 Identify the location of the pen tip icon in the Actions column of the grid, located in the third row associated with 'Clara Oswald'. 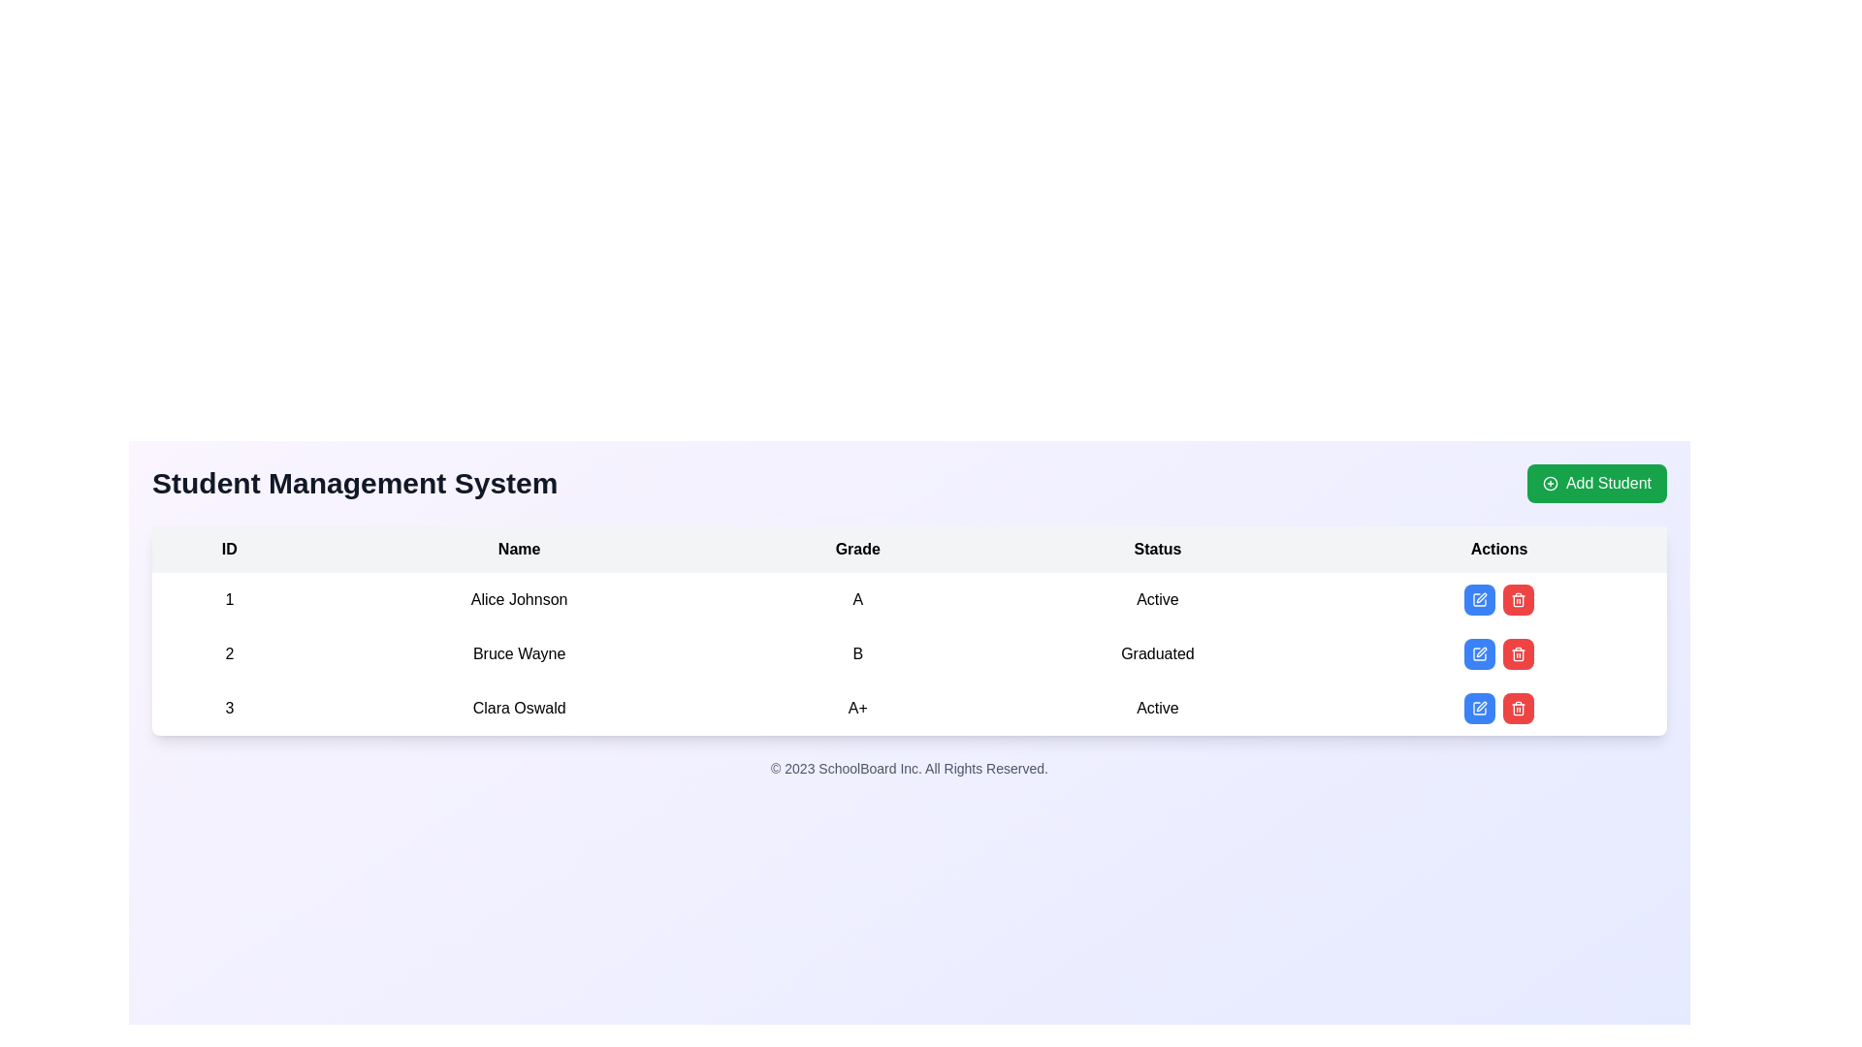
(1480, 597).